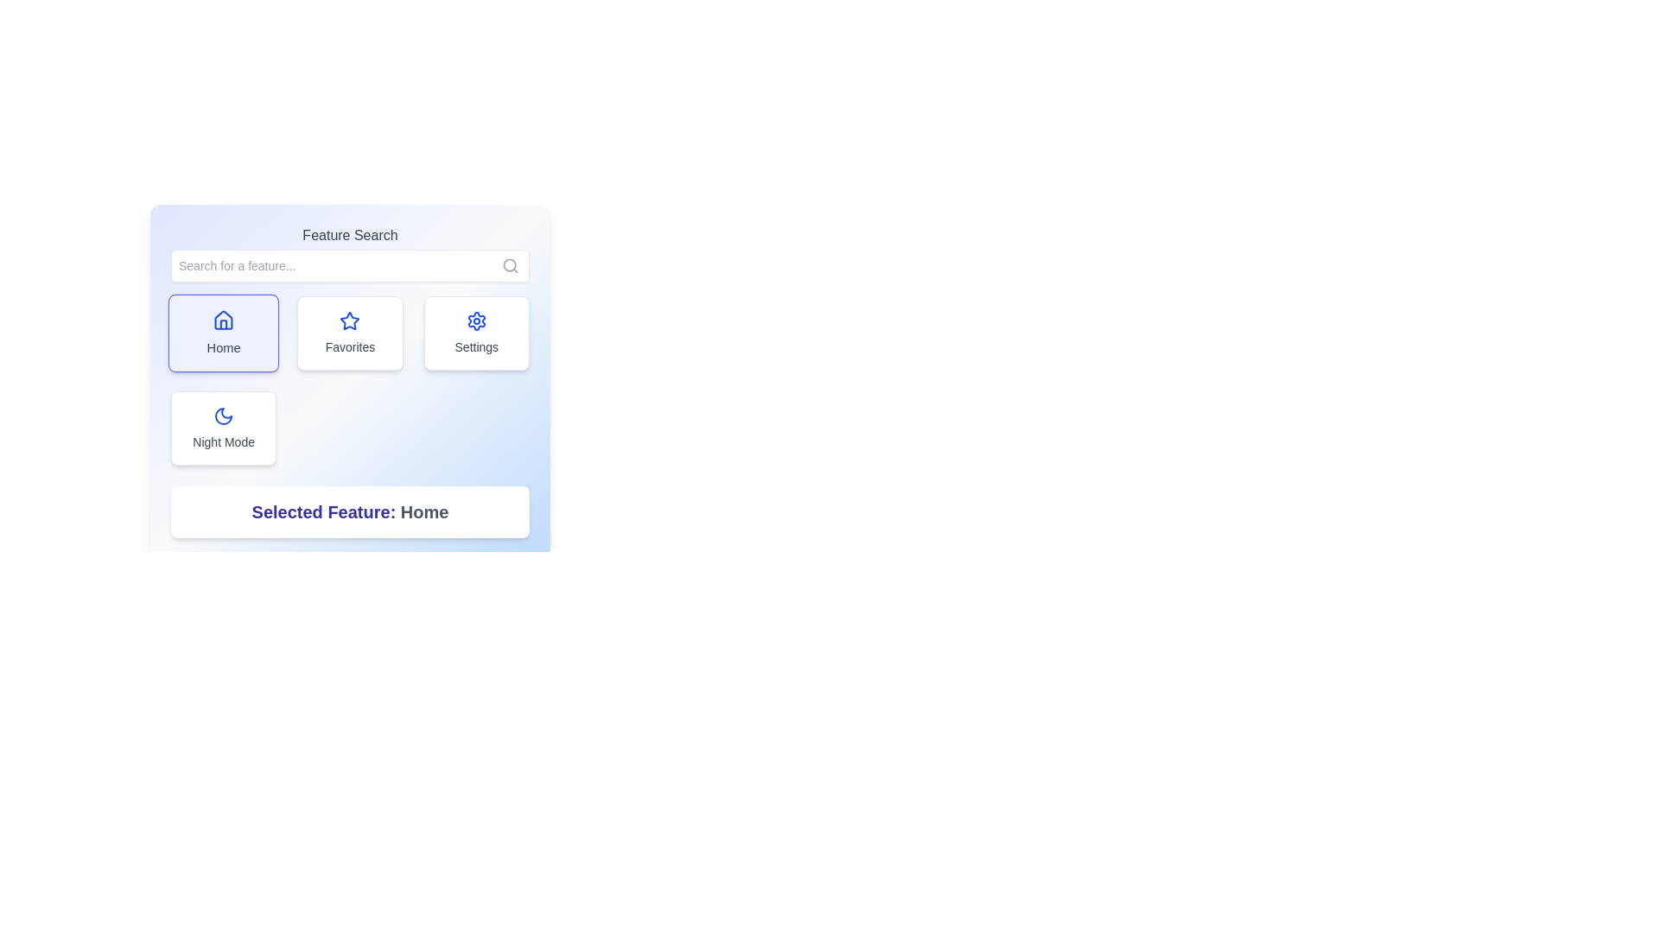  What do you see at coordinates (223, 320) in the screenshot?
I see `the house-shaped icon within the 'Home' button, which features a geometric outline and a window-like detail, located in the top-left corner of the grid of icons` at bounding box center [223, 320].